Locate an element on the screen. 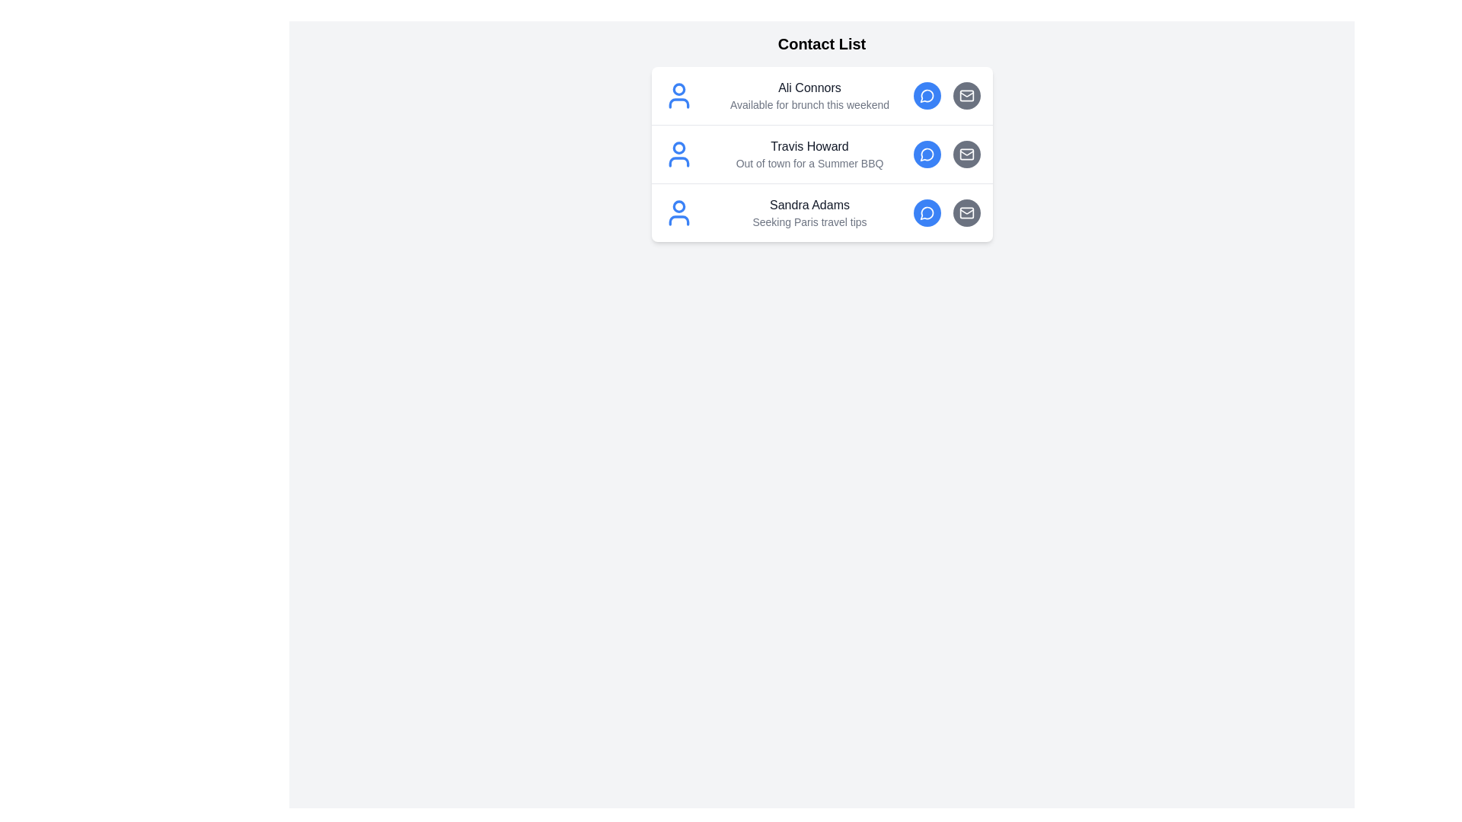 The height and width of the screenshot is (822, 1462). the text label displaying 'Sandra Adams' is located at coordinates (809, 205).